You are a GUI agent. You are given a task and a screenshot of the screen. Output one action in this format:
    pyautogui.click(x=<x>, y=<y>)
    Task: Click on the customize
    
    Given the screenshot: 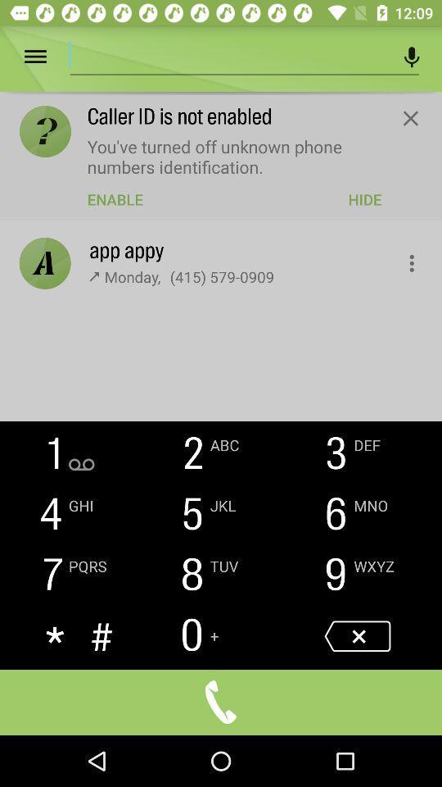 What is the action you would take?
    pyautogui.click(x=402, y=259)
    